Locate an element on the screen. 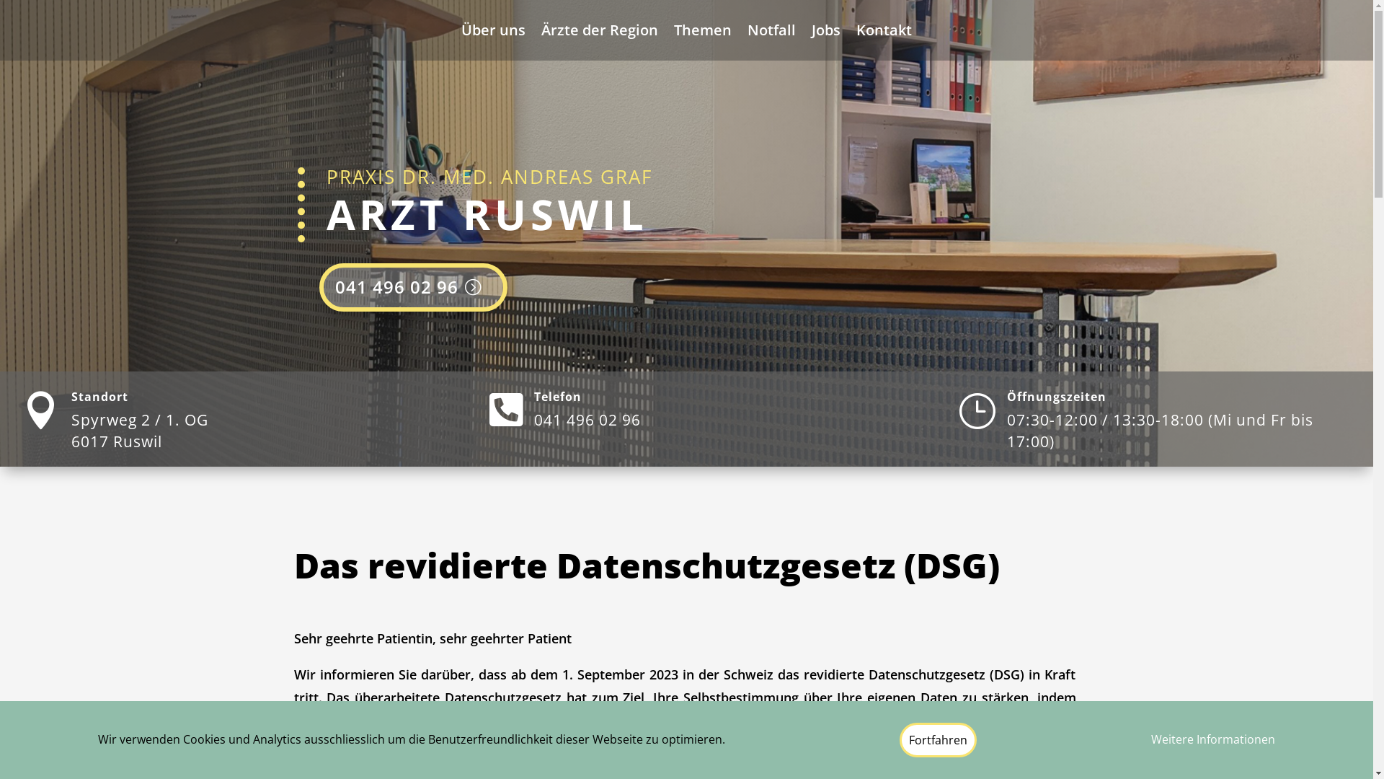  'Themen' is located at coordinates (702, 32).